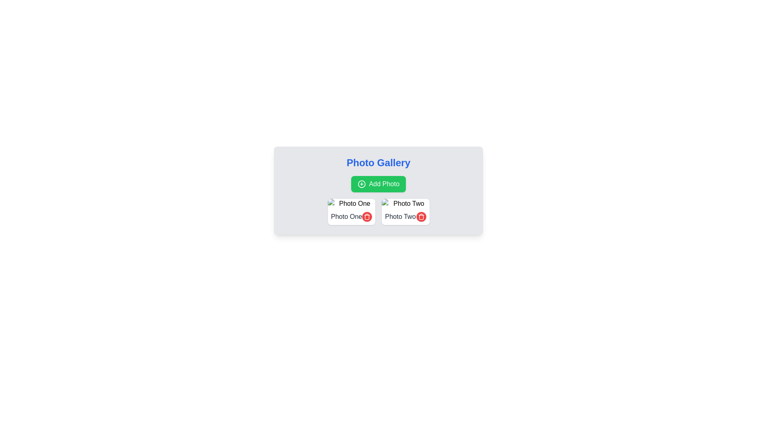 The width and height of the screenshot is (784, 441). I want to click on text from the 'Photo One' text label, which is styled with a gray font and located at the top left of a card layout, so click(351, 212).